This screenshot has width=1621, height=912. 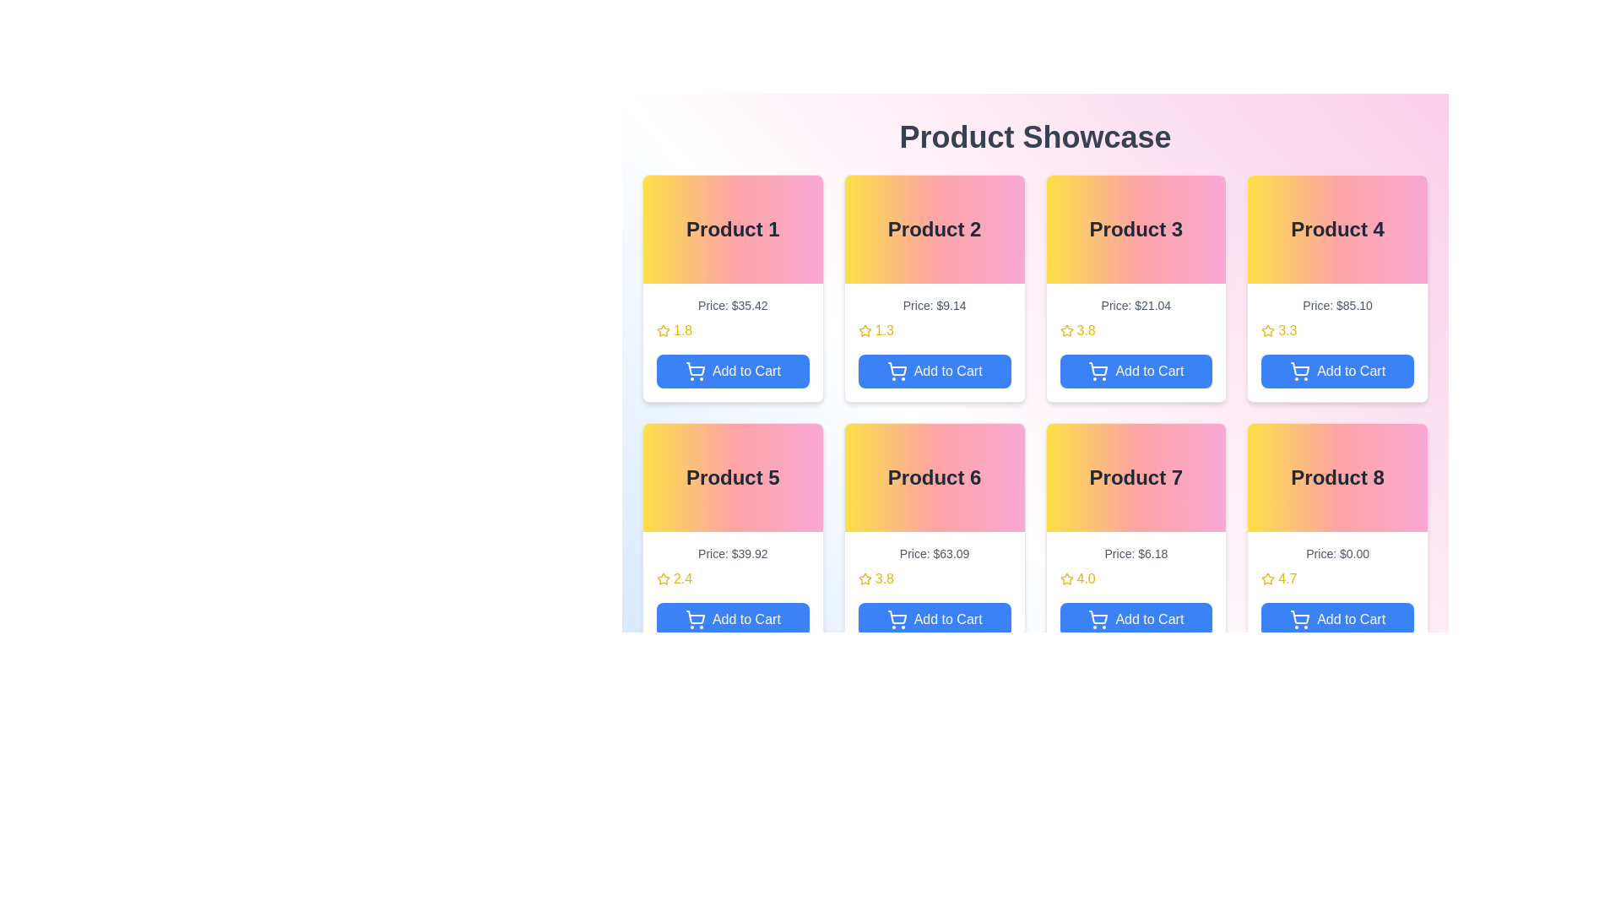 What do you see at coordinates (896, 617) in the screenshot?
I see `the shopping cart icon, which is a minimalistic white outline on a blue background, located within the 'Add to Cart' button for 'Product 6' in the second row, fourth column of the grid layout` at bounding box center [896, 617].